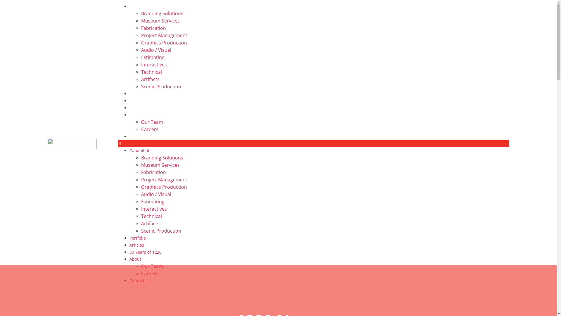 The width and height of the screenshot is (561, 316). I want to click on 'Fabrication', so click(153, 28).